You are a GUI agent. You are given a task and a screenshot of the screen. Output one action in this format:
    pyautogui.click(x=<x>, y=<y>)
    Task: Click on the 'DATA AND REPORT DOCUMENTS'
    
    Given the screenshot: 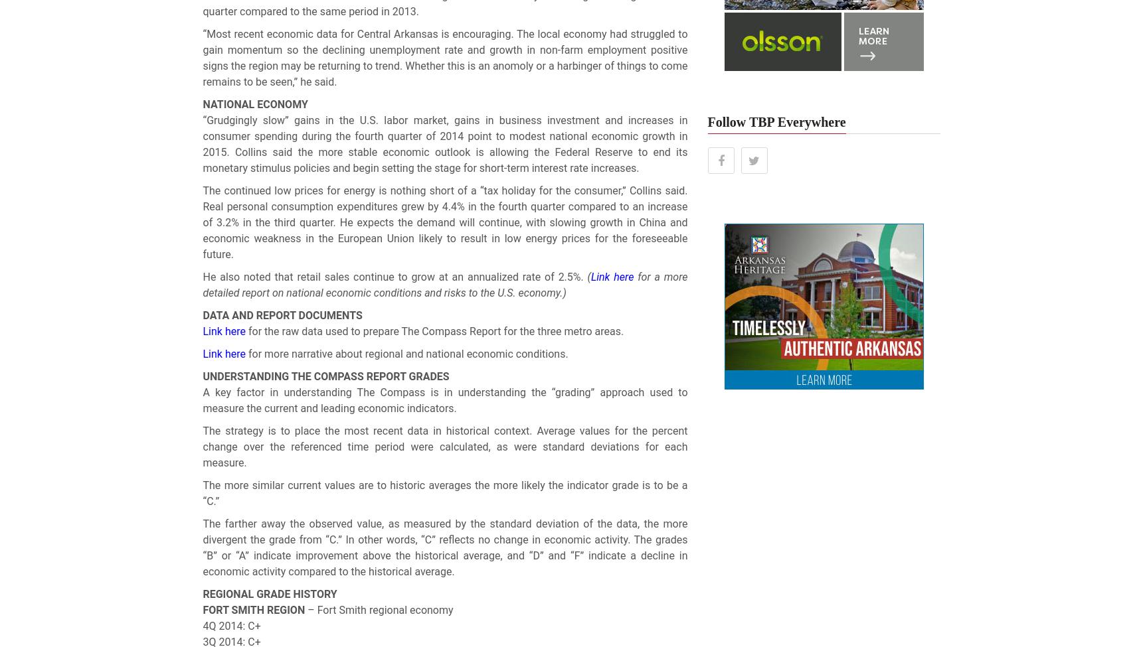 What is the action you would take?
    pyautogui.click(x=281, y=315)
    